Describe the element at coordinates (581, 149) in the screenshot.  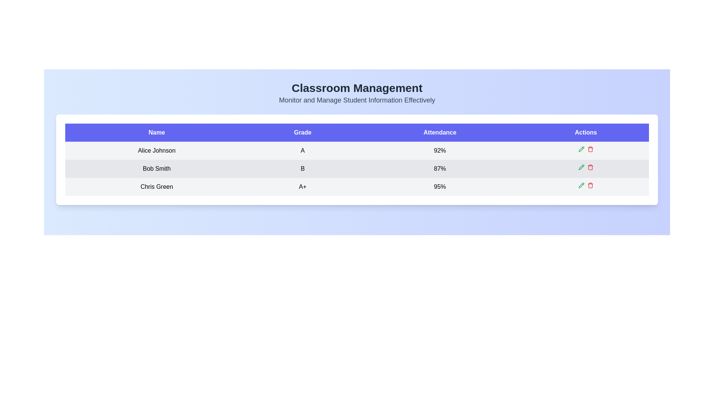
I see `the edit button located in the top row of the 'Actions' column of the table` at that location.